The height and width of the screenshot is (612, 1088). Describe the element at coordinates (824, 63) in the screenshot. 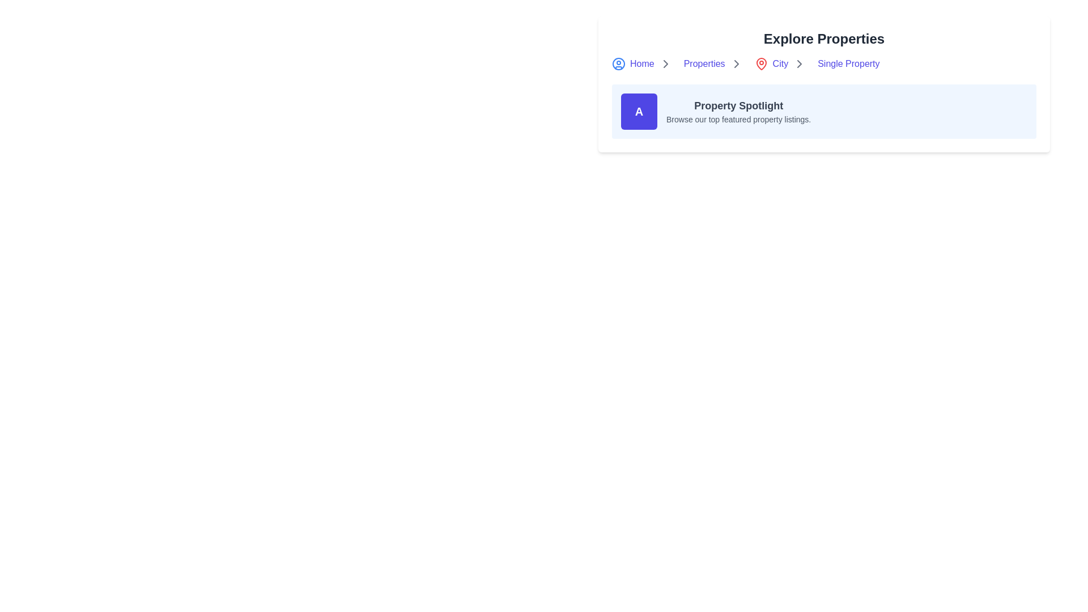

I see `the breadcrumb navigation item located below the 'Explore Properties' heading` at that location.